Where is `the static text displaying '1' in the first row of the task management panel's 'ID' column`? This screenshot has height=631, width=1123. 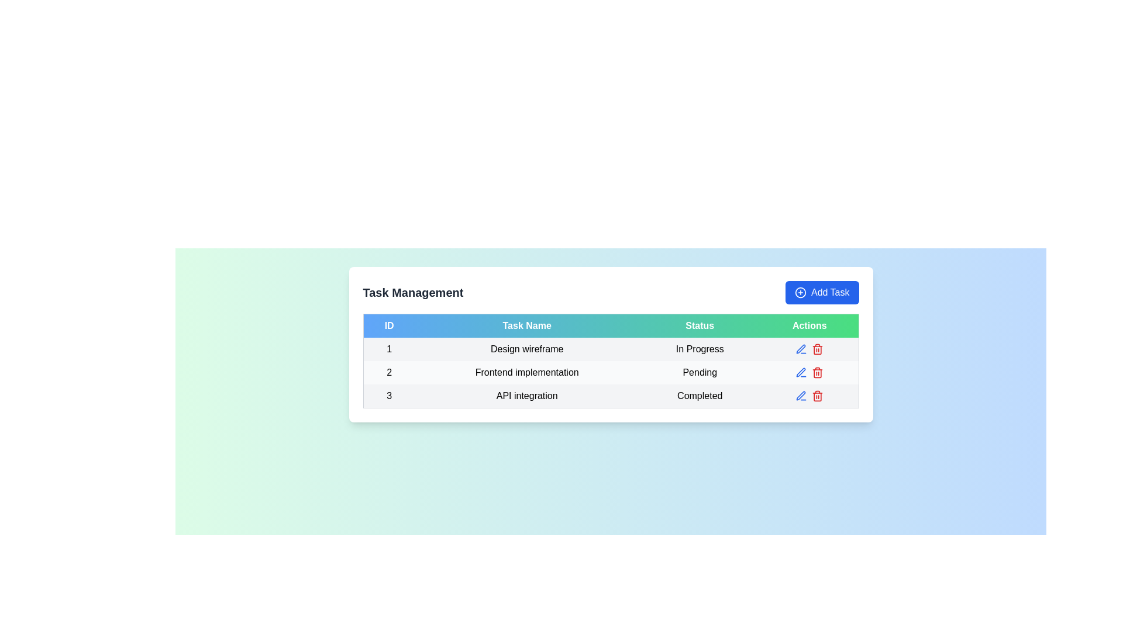 the static text displaying '1' in the first row of the task management panel's 'ID' column is located at coordinates (389, 348).